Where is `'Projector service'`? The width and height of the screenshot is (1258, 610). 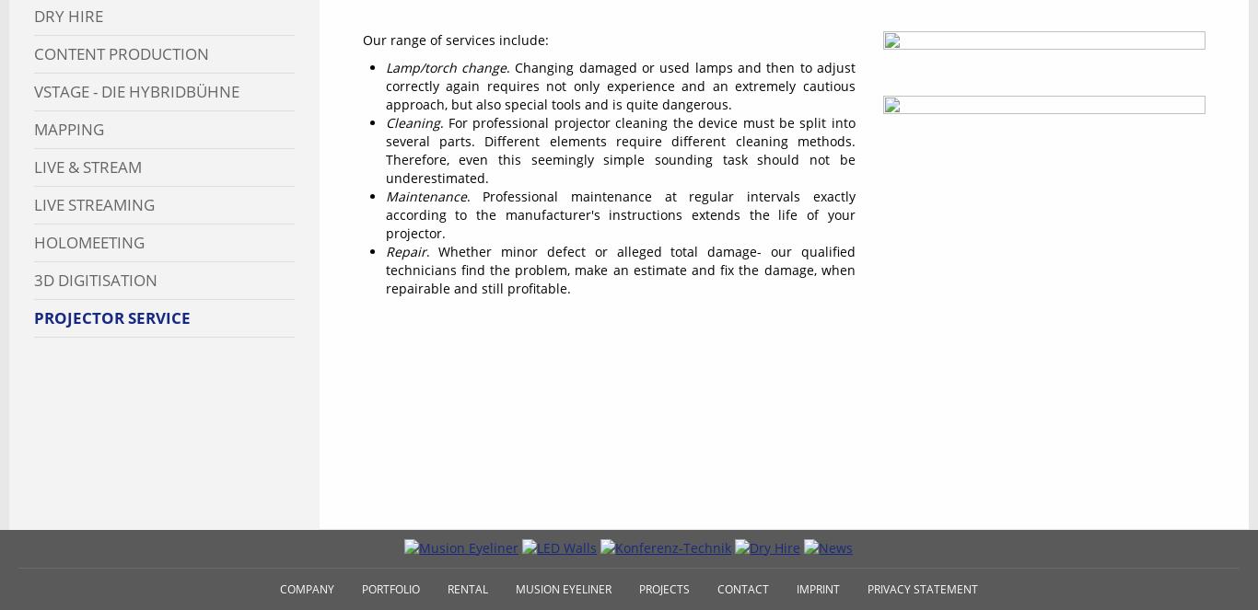 'Projector service' is located at coordinates (111, 317).